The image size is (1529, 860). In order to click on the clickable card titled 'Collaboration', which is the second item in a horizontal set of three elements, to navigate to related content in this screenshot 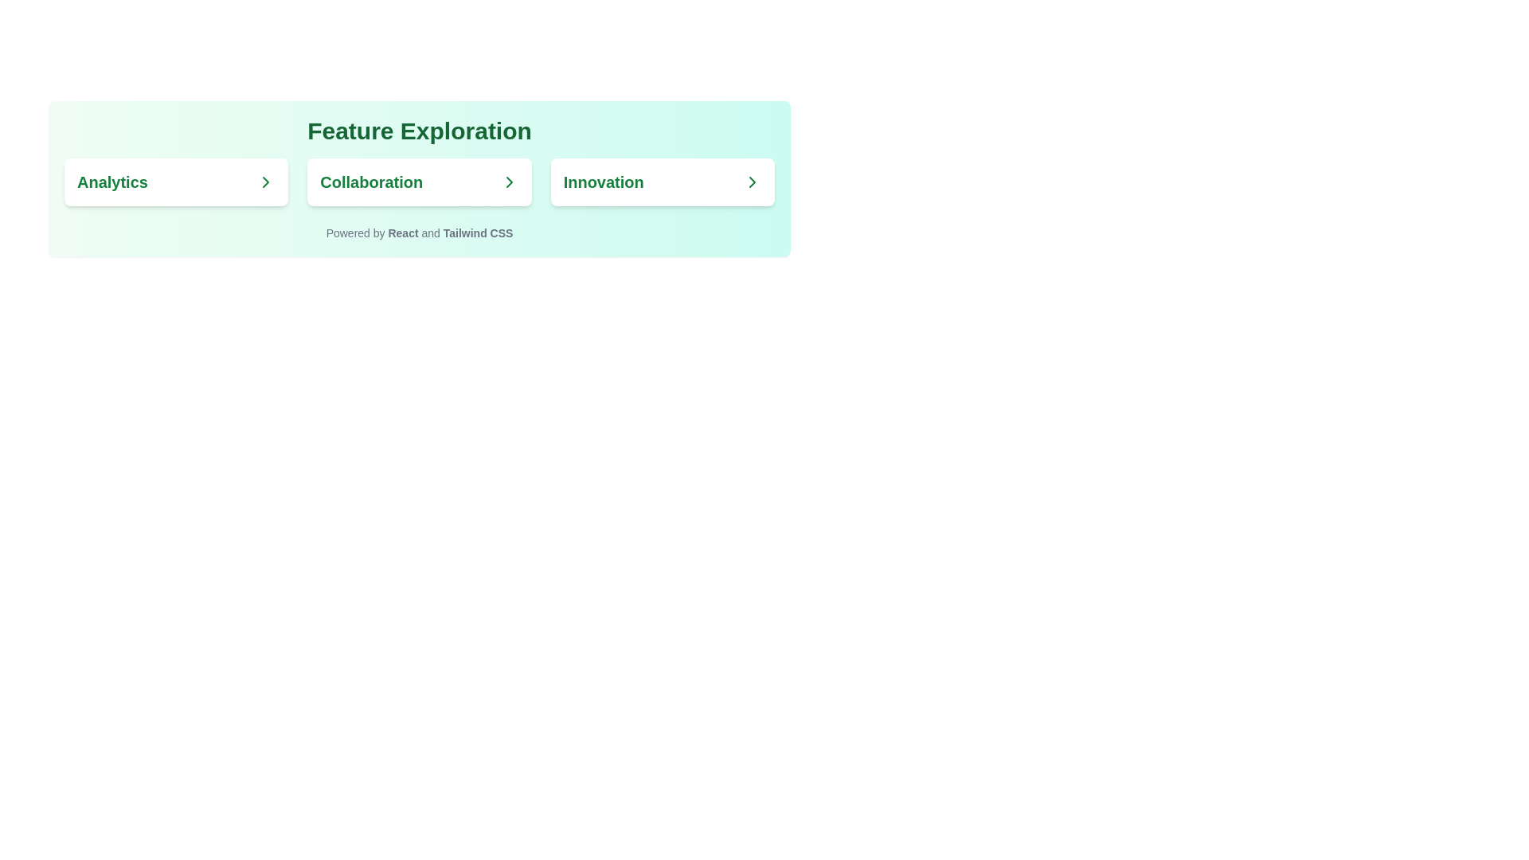, I will do `click(420, 181)`.